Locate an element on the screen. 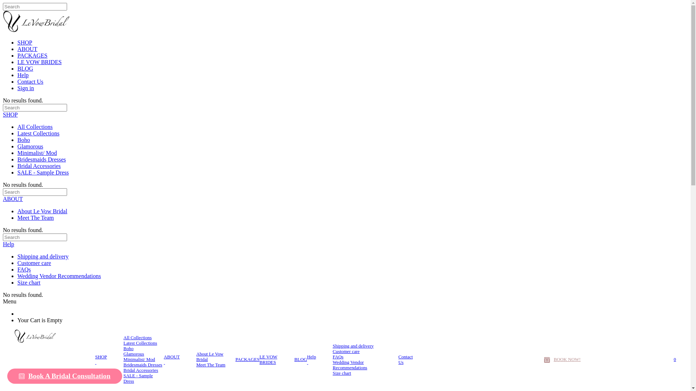 This screenshot has width=696, height=391. 'BLOG' is located at coordinates (301, 360).